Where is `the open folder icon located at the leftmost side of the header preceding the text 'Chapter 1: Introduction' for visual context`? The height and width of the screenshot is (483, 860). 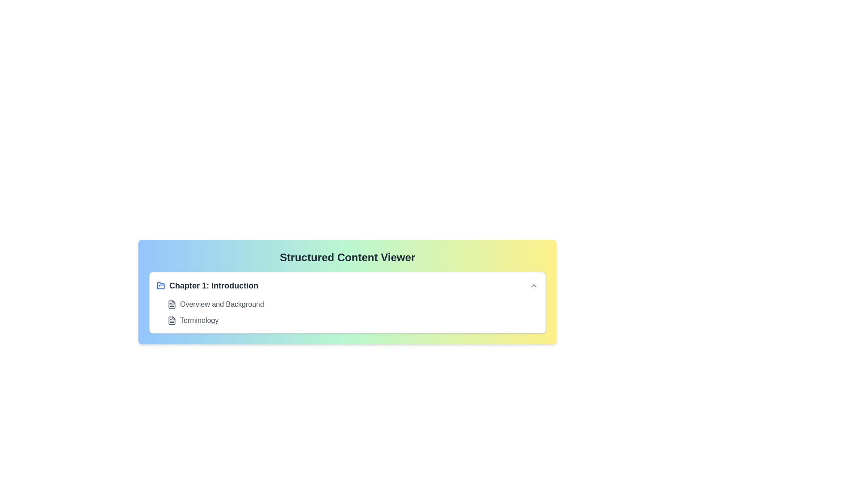 the open folder icon located at the leftmost side of the header preceding the text 'Chapter 1: Introduction' for visual context is located at coordinates (161, 286).